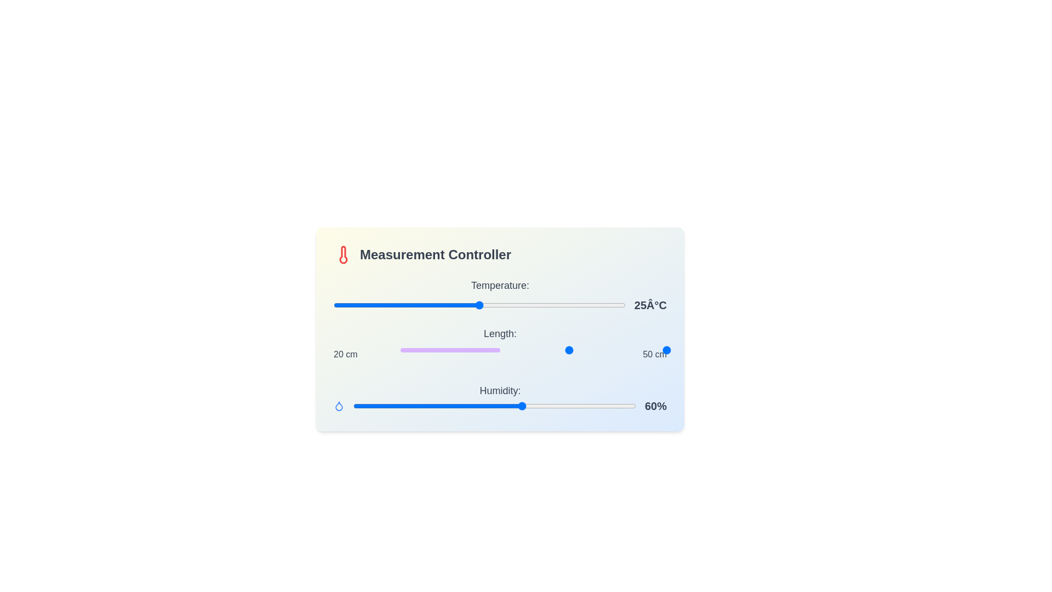 The height and width of the screenshot is (592, 1052). Describe the element at coordinates (577, 350) in the screenshot. I see `the length` at that location.